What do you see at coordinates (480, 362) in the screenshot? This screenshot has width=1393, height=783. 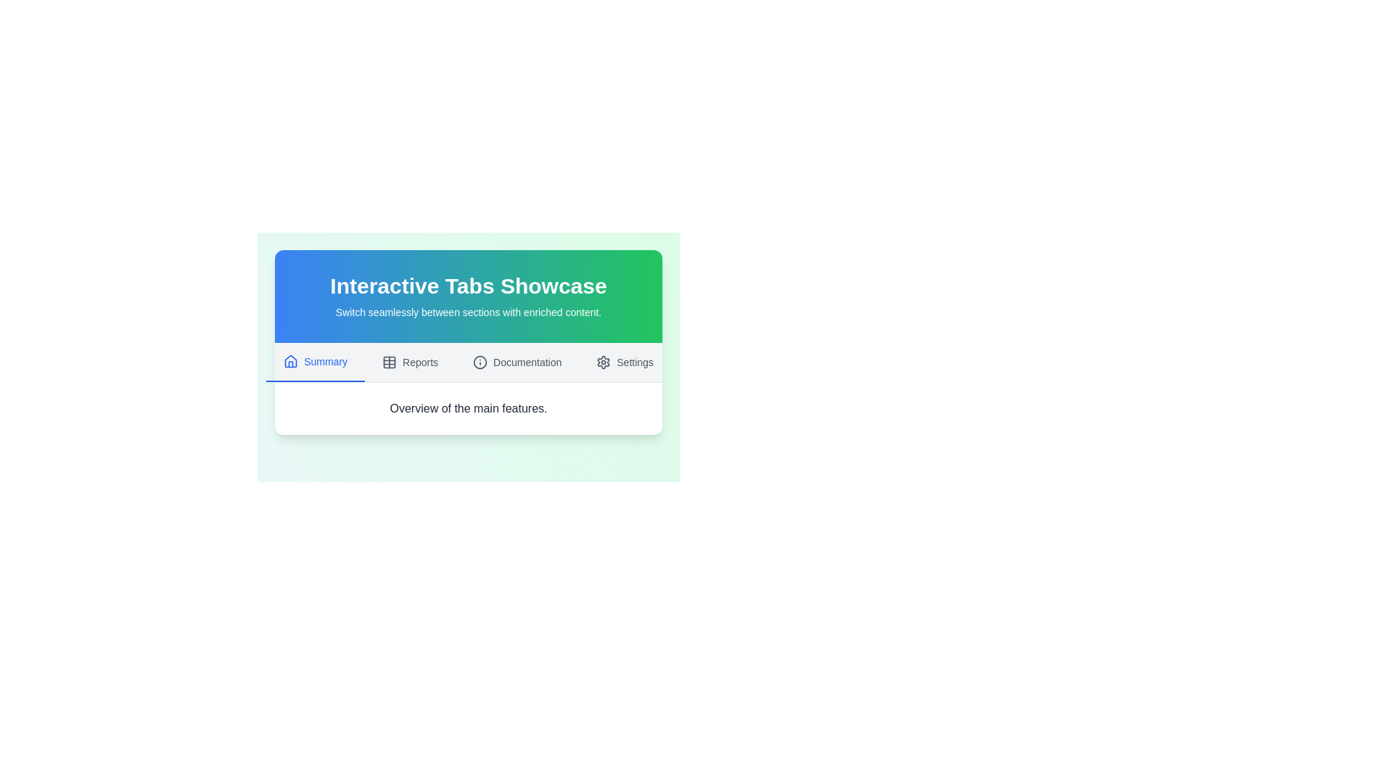 I see `the 'Documentation' tab icon located in the interactive navigation bar, positioned to the left of the 'Documentation' text label` at bounding box center [480, 362].